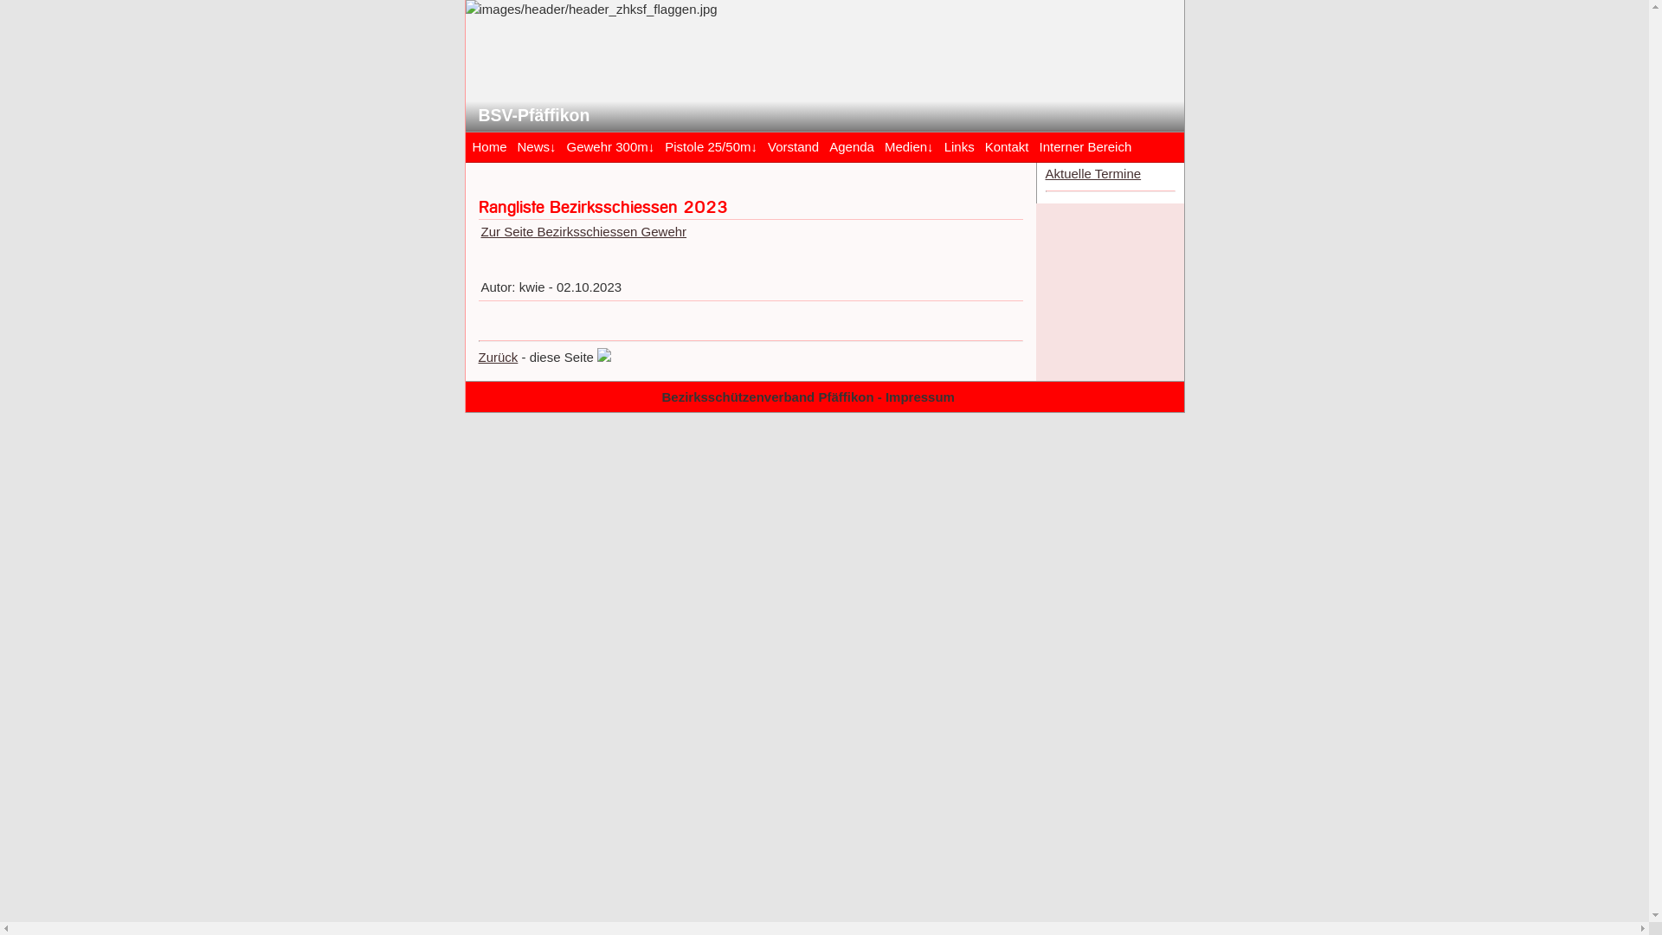 Image resolution: width=1662 pixels, height=935 pixels. I want to click on 'Zur Seite Bezirksschiessen Gewehr', so click(584, 230).